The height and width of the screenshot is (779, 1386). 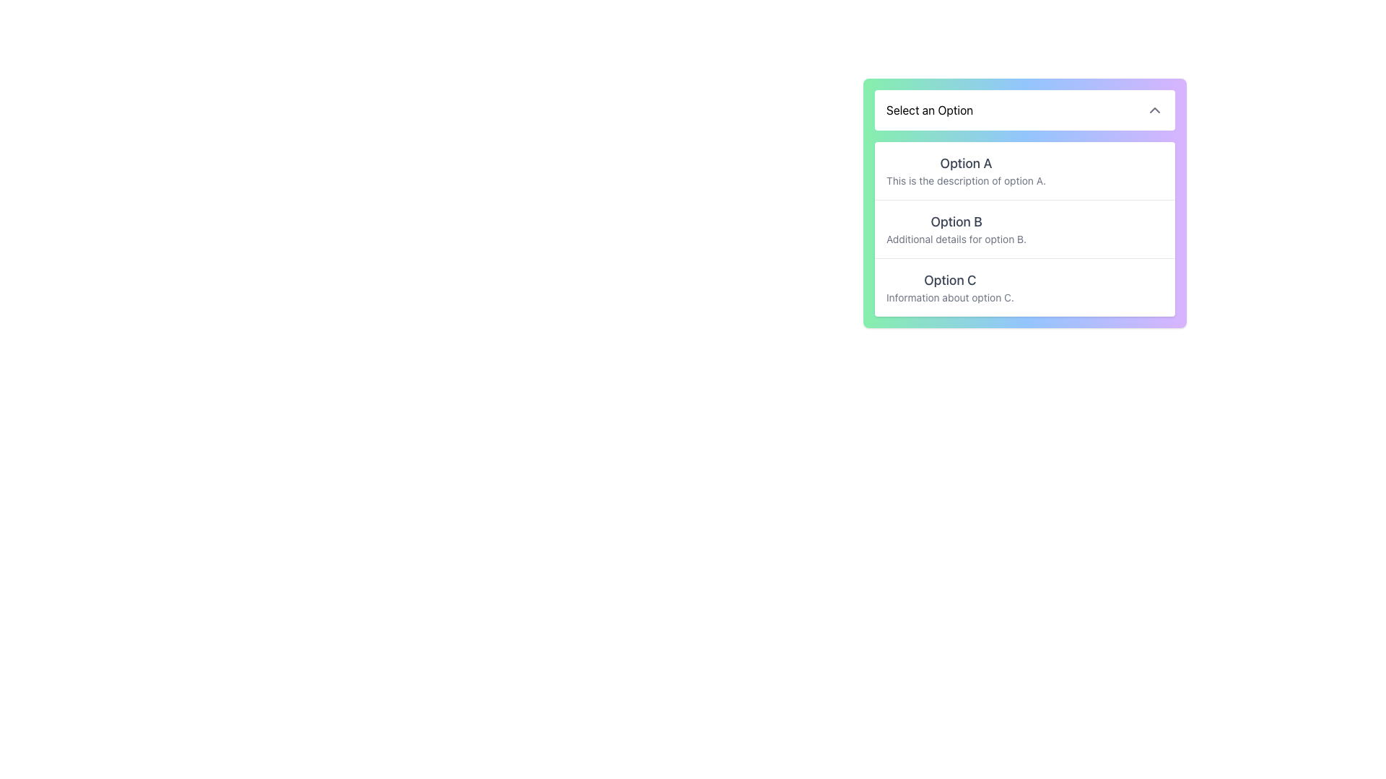 I want to click on the text label providing supplementary information for 'Option B' in the multi-option dropdown menu, located directly below the title text 'Option B.', so click(x=956, y=238).